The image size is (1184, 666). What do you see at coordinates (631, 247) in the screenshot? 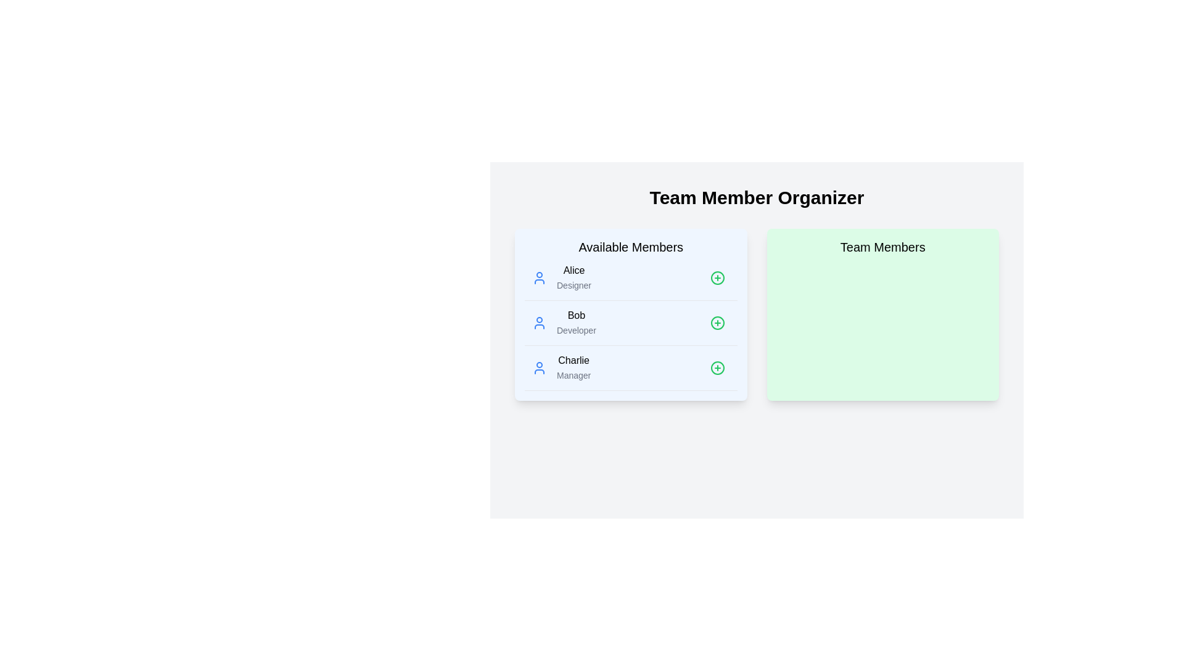
I see `the static text label that indicates the title for the 'Available Members' list, positioned at the top left within a light blue background card` at bounding box center [631, 247].